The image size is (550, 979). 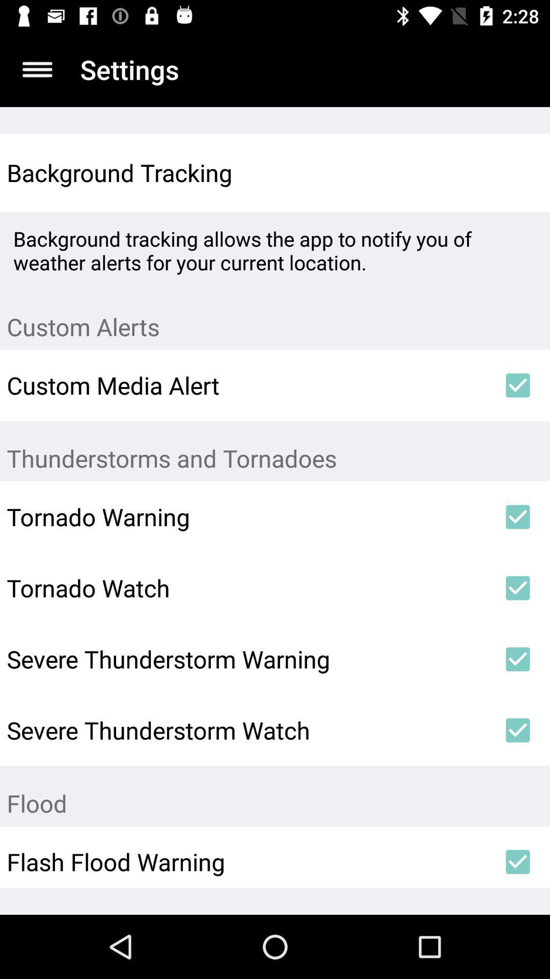 I want to click on show the menu, so click(x=37, y=69).